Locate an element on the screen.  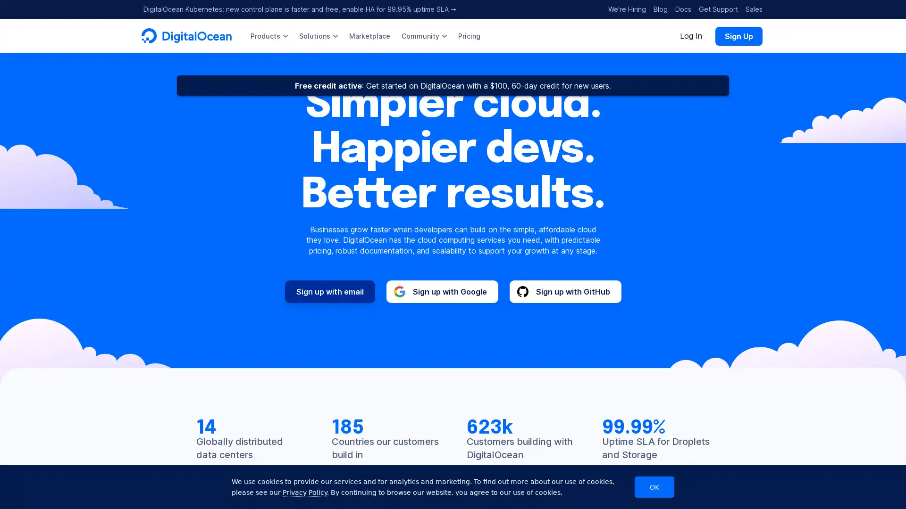
Sign Up is located at coordinates (738, 35).